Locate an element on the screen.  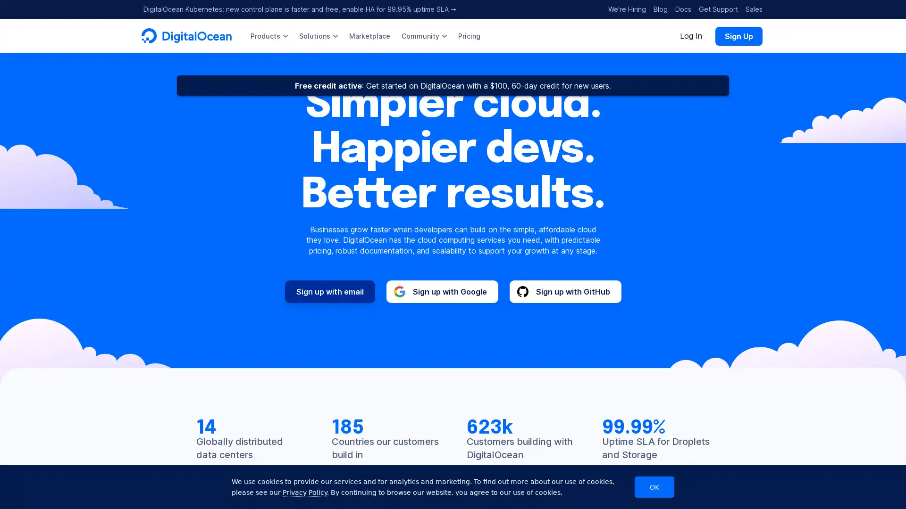
Sign Up is located at coordinates (738, 35).